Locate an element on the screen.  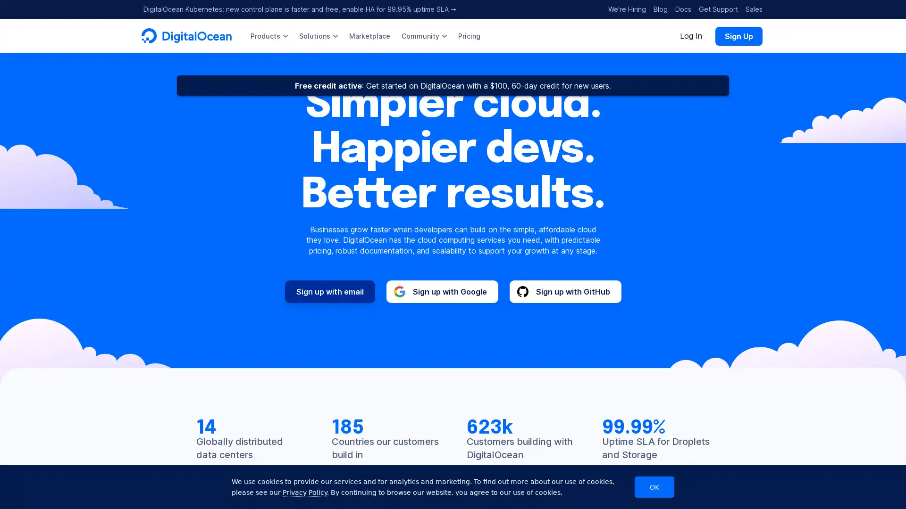
Sign Up is located at coordinates (738, 35).